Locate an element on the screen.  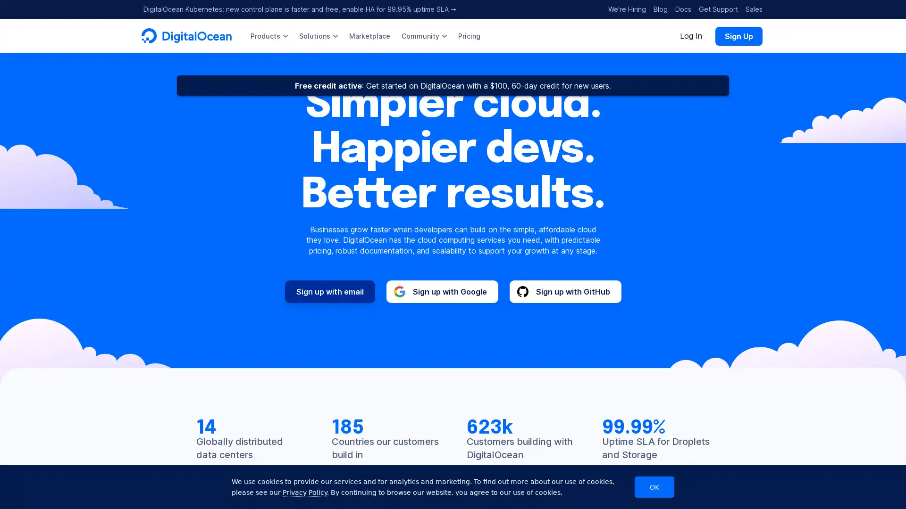
Sign Up is located at coordinates (738, 35).